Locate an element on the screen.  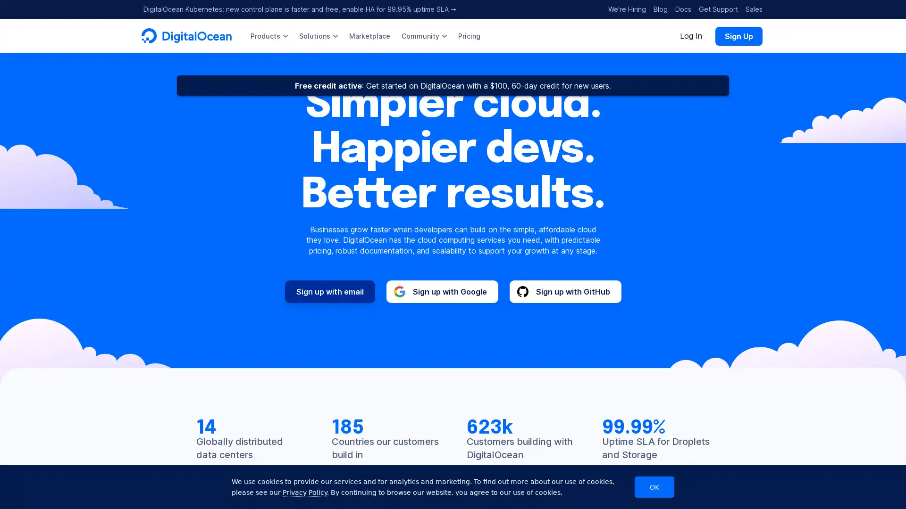
Sign Up is located at coordinates (738, 35).